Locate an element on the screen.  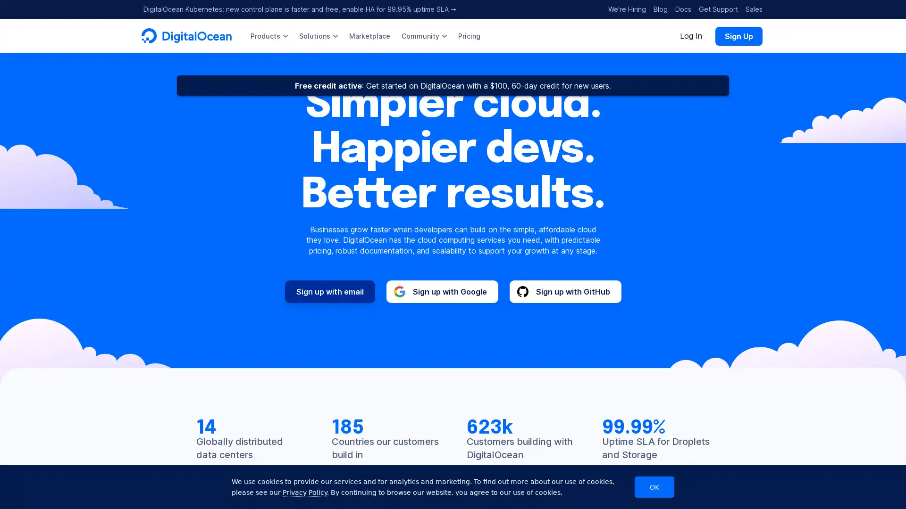
Sign Up is located at coordinates (738, 35).